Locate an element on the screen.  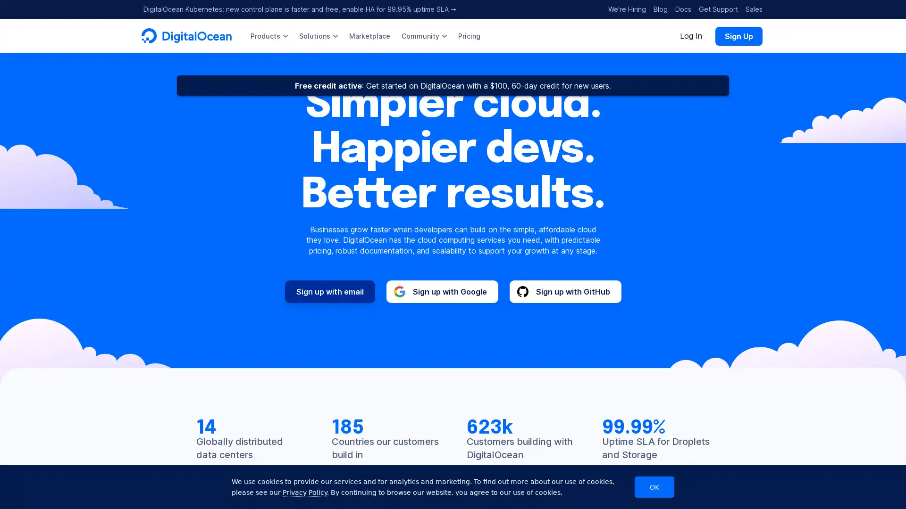
Sign Up is located at coordinates (738, 35).